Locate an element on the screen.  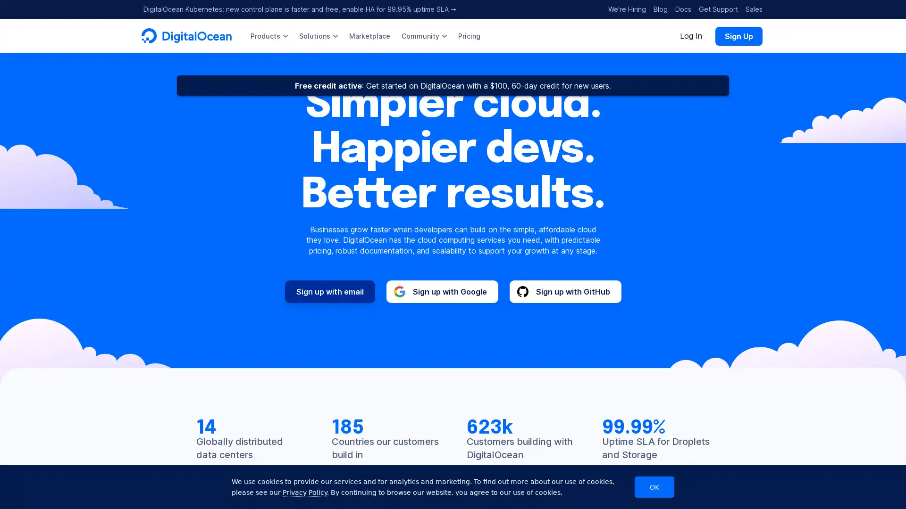
Sign Up is located at coordinates (738, 35).